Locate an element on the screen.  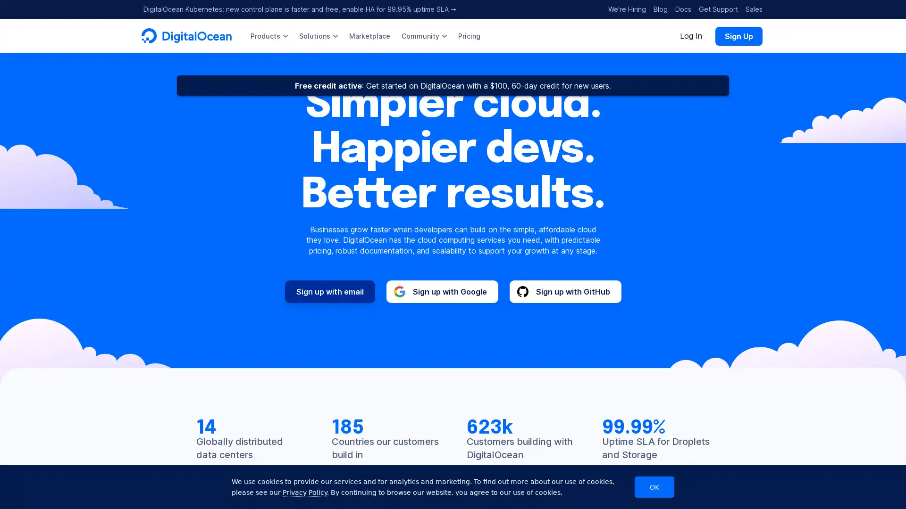
Sign Up is located at coordinates (738, 35).